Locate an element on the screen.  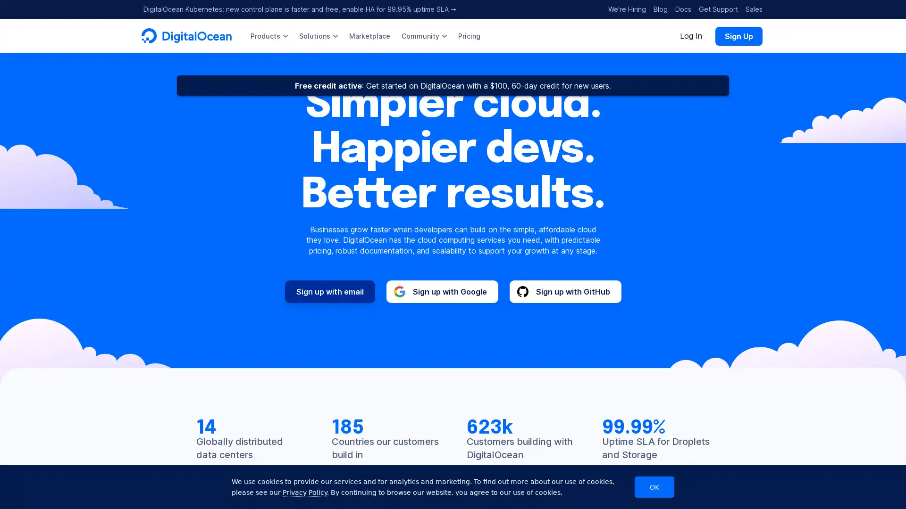
Sign Up is located at coordinates (738, 35).